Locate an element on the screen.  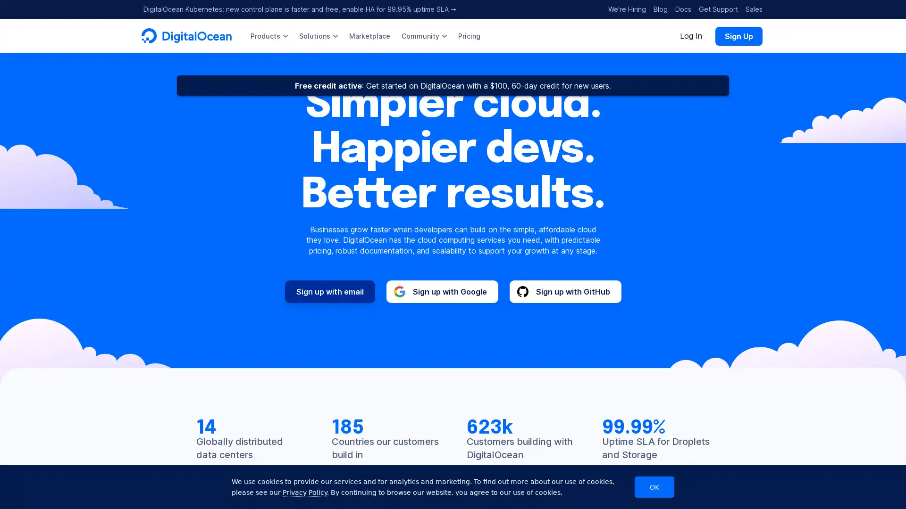
Sign Up is located at coordinates (738, 35).